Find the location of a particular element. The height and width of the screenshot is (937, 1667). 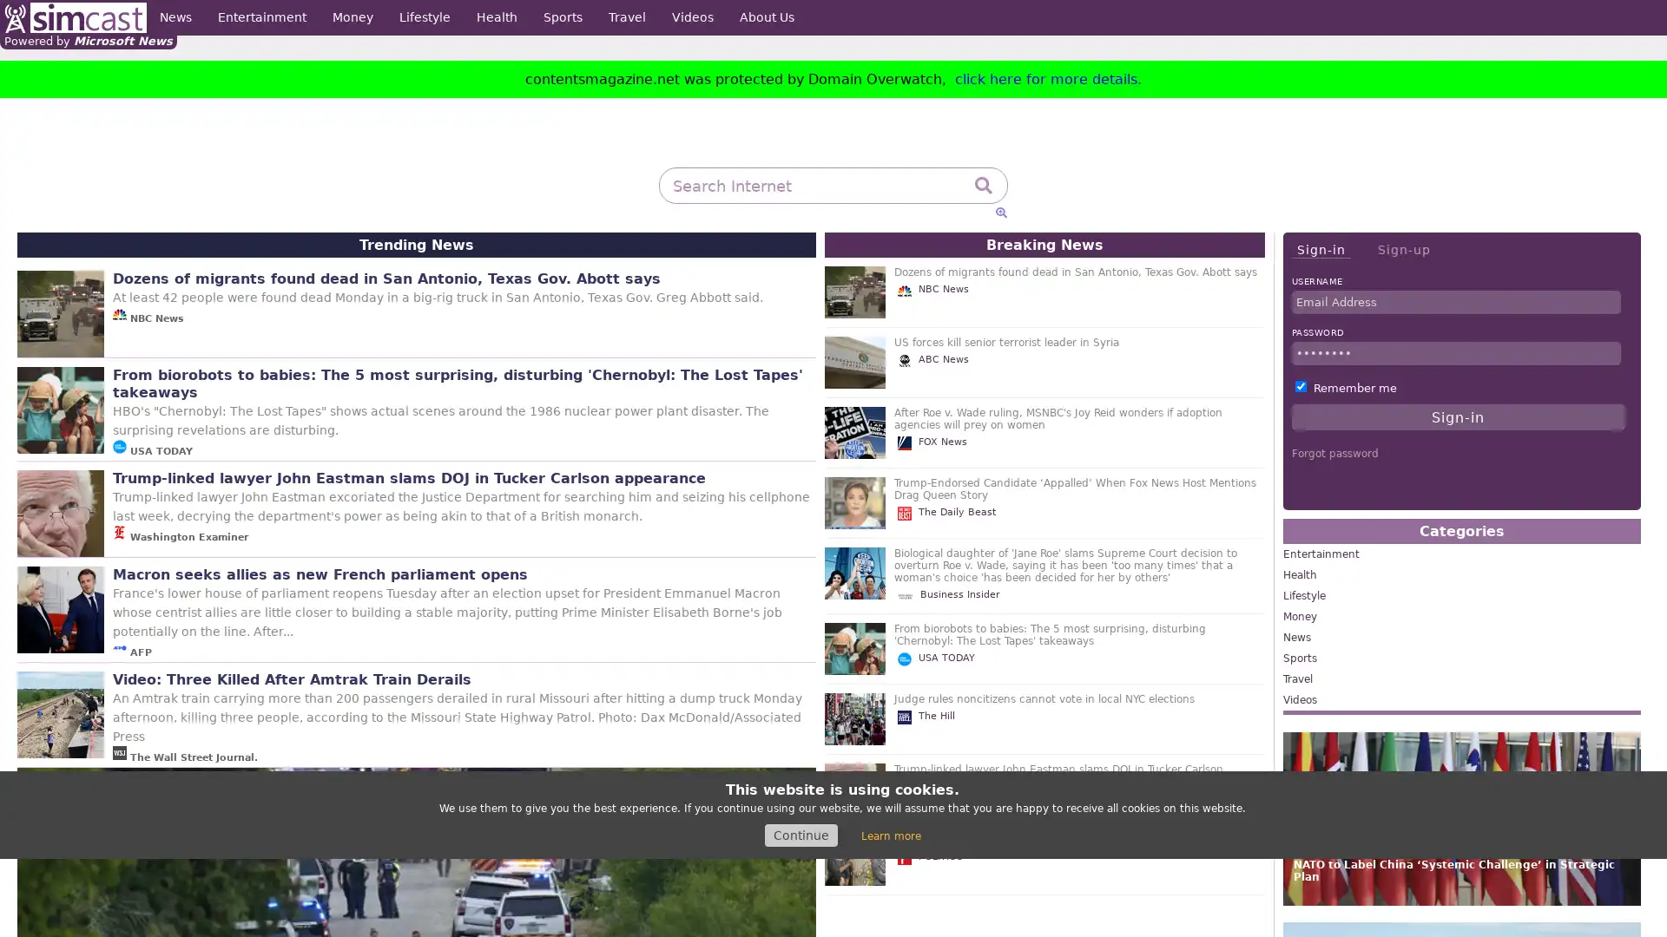

Continue is located at coordinates (800, 835).